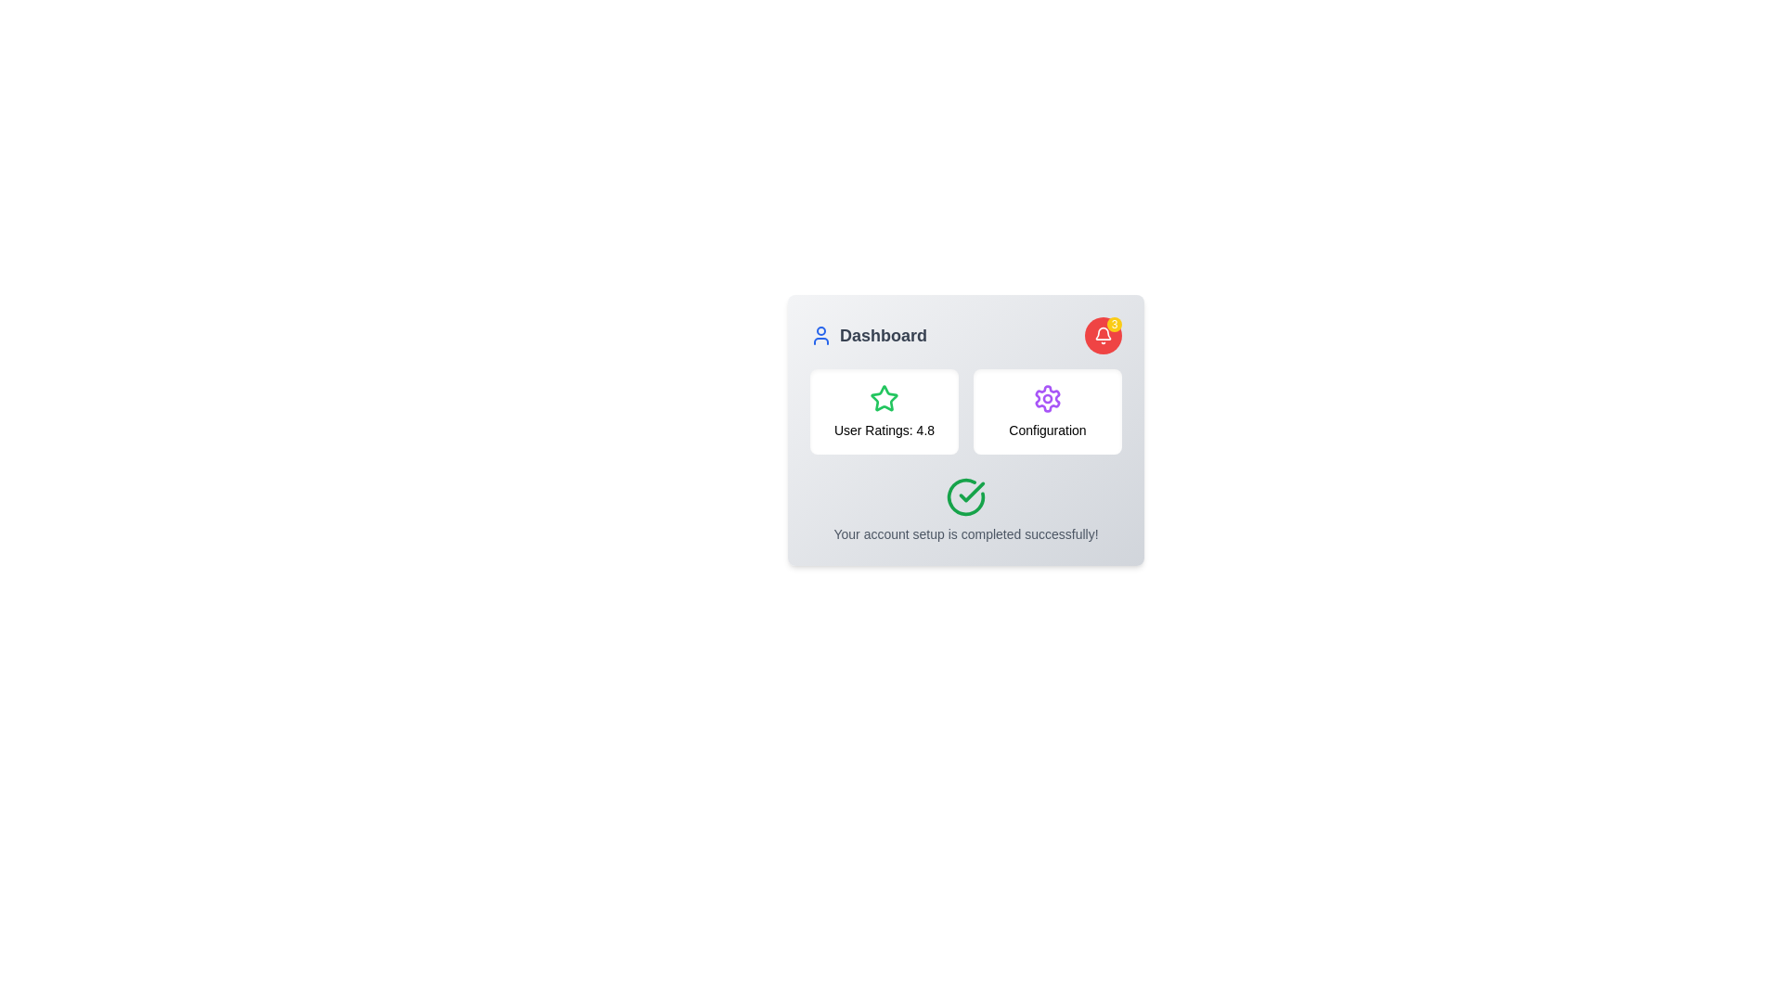 This screenshot has width=1782, height=1002. Describe the element at coordinates (1104, 332) in the screenshot. I see `the bell icon located at the top-right corner of the component, adjacent to the 'Dashboard' label` at that location.